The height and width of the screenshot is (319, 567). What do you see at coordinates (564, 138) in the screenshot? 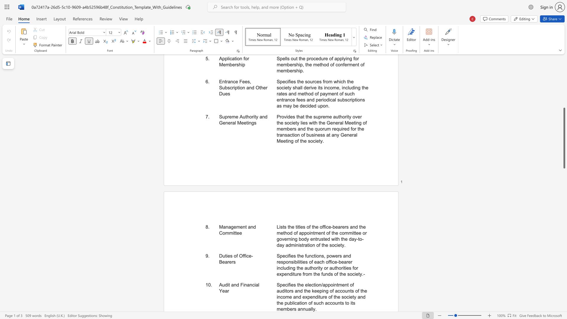
I see `the scrollbar and move up 380 pixels` at bounding box center [564, 138].